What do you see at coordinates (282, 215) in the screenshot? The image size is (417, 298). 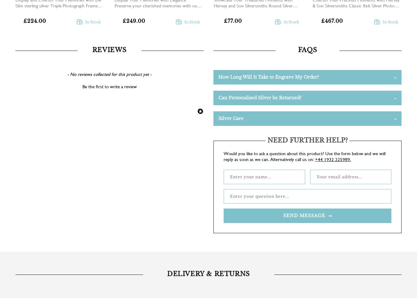 I see `'send message'` at bounding box center [282, 215].